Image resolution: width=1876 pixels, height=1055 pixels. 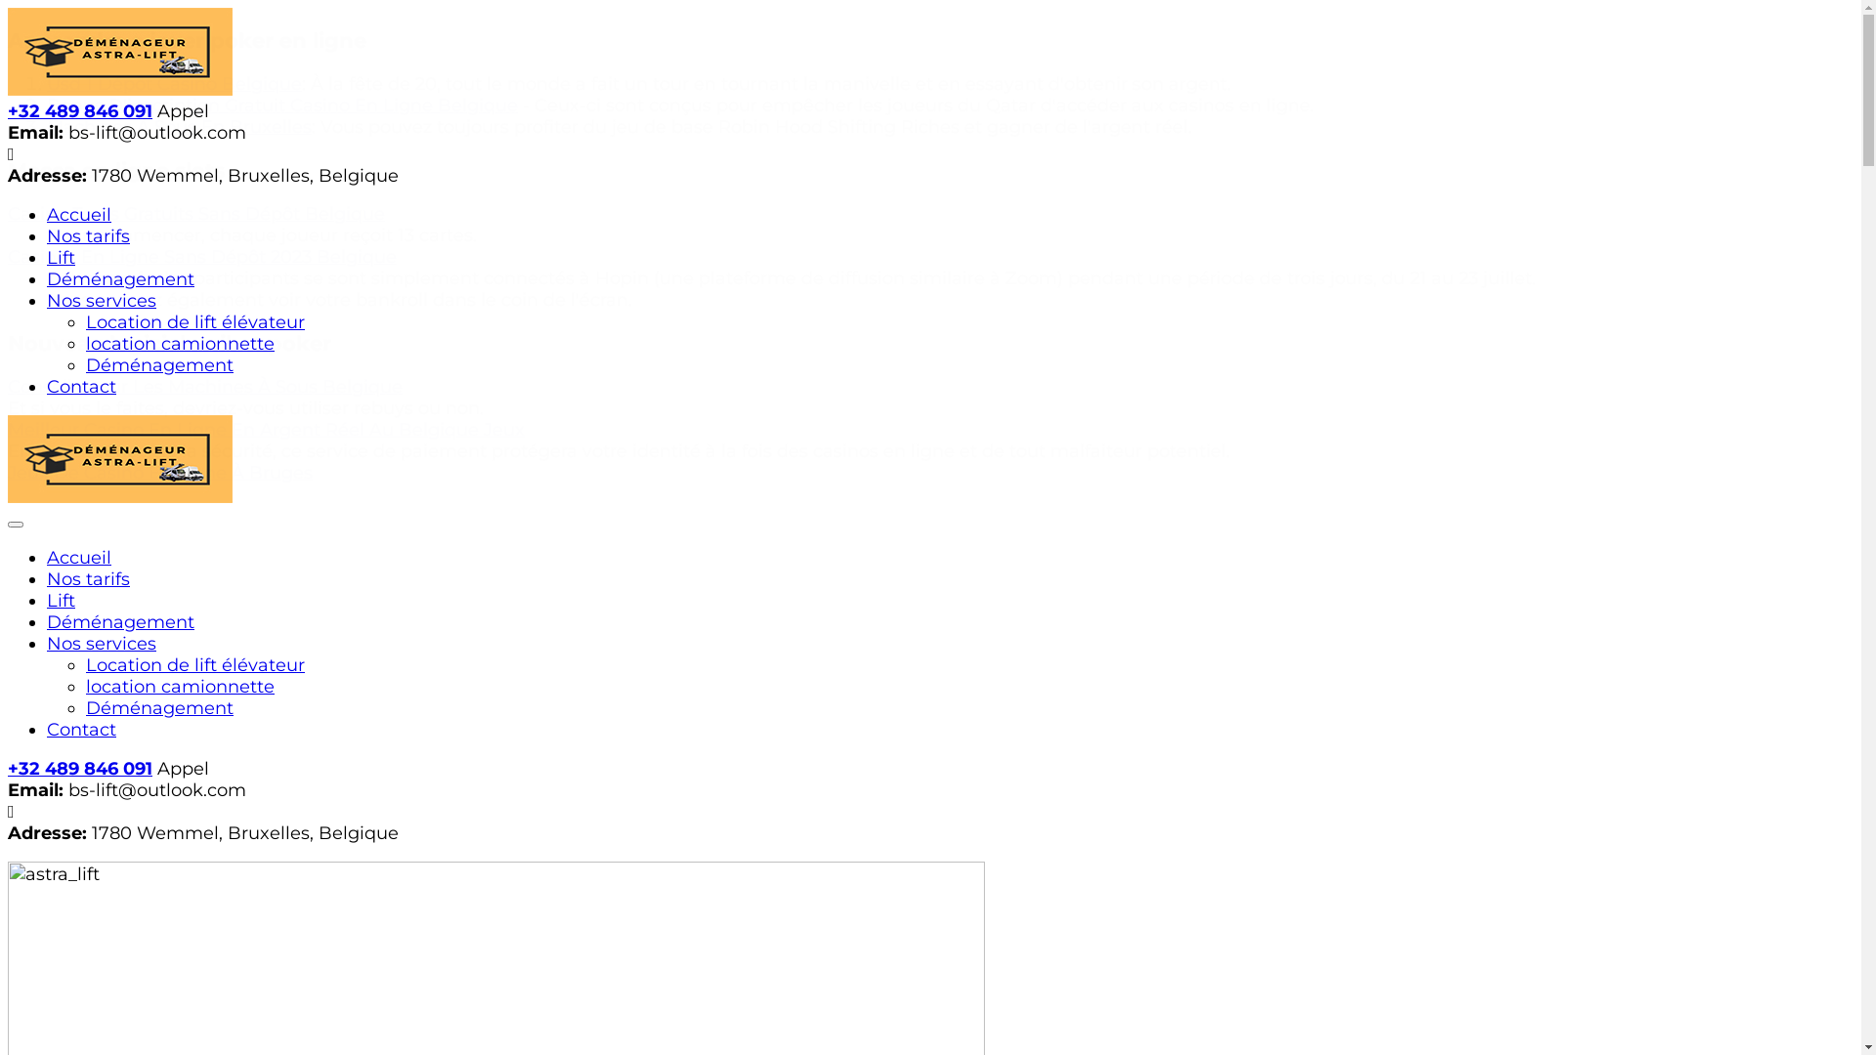 I want to click on 'Contact', so click(x=80, y=387).